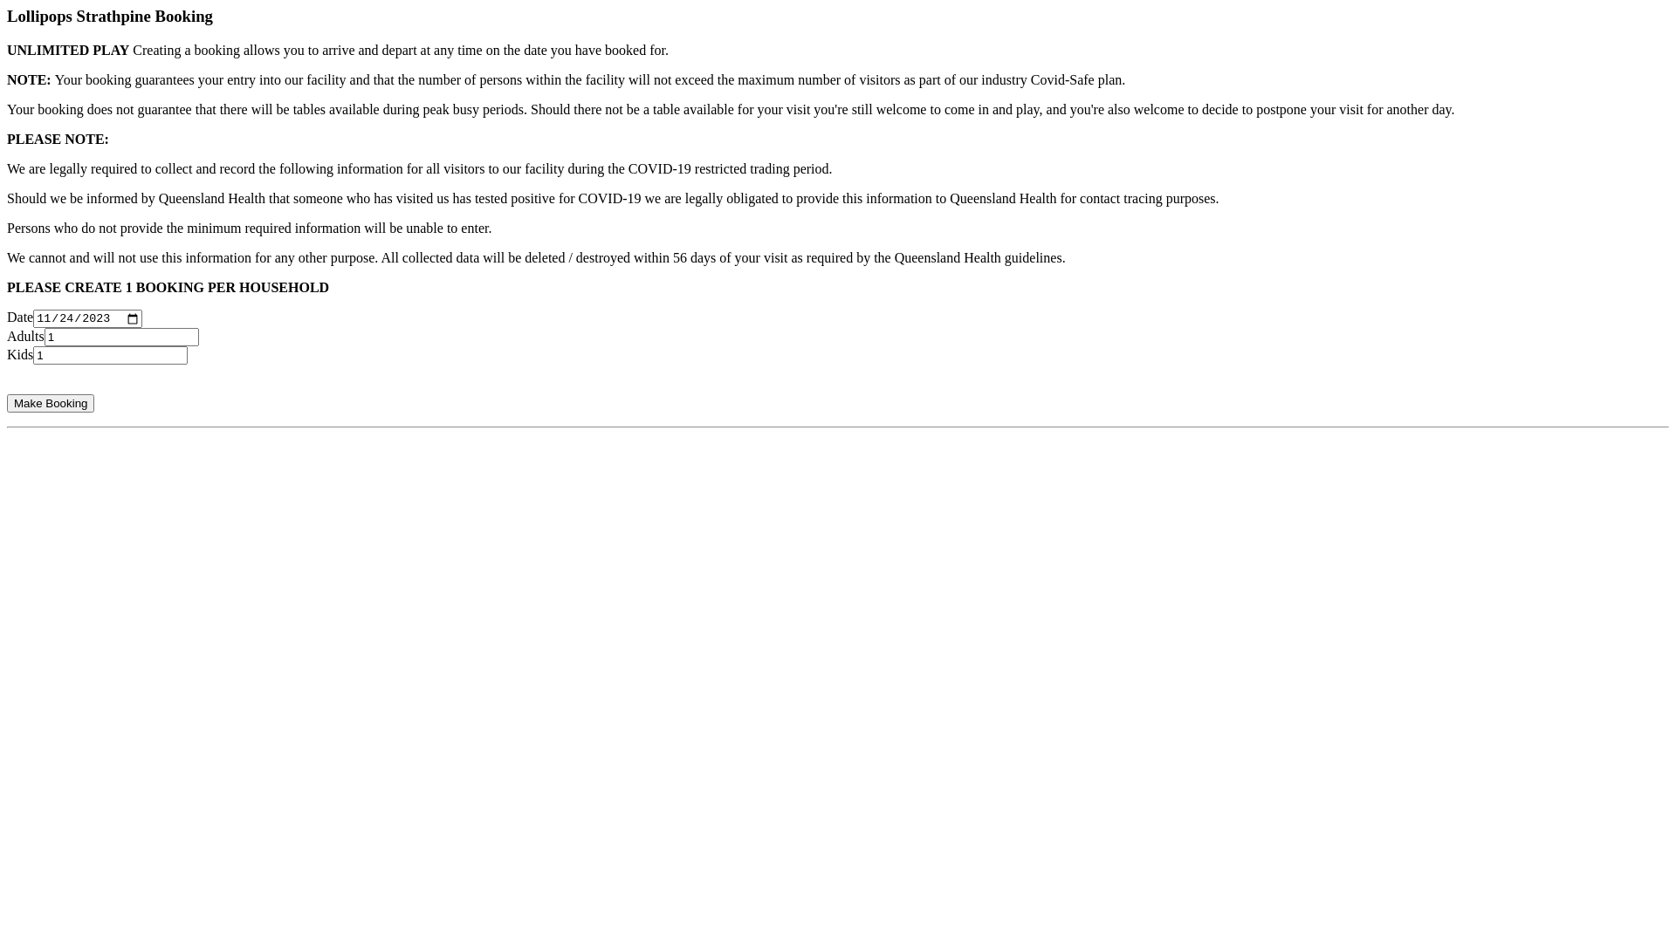  I want to click on 'Make Booking', so click(50, 403).